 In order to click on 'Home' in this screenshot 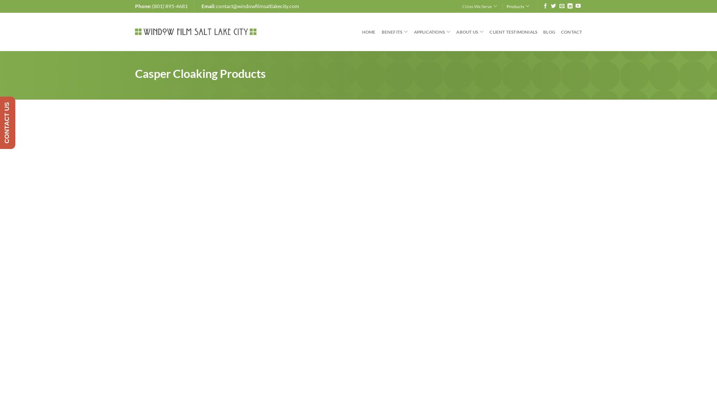, I will do `click(362, 32)`.